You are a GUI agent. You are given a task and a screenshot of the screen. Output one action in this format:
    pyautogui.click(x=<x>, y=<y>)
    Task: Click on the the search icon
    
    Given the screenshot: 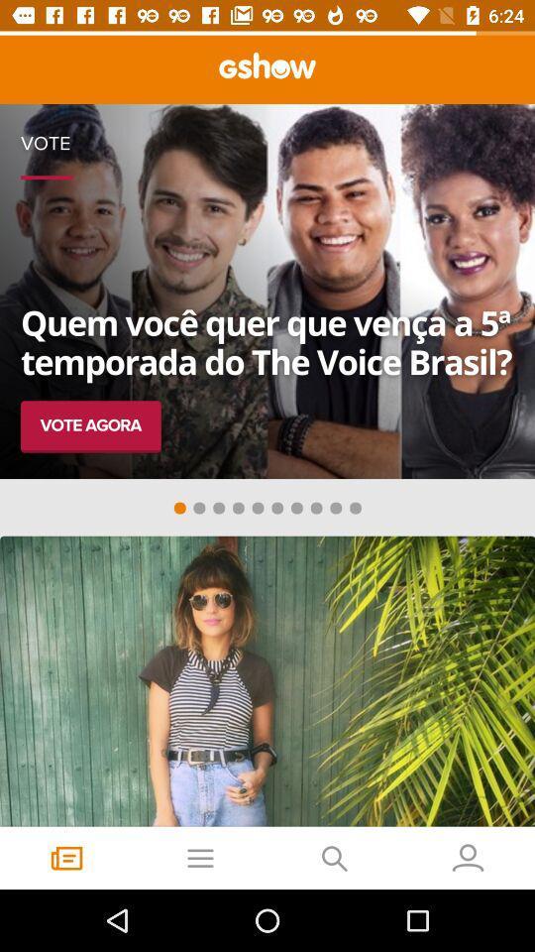 What is the action you would take?
    pyautogui.click(x=334, y=857)
    